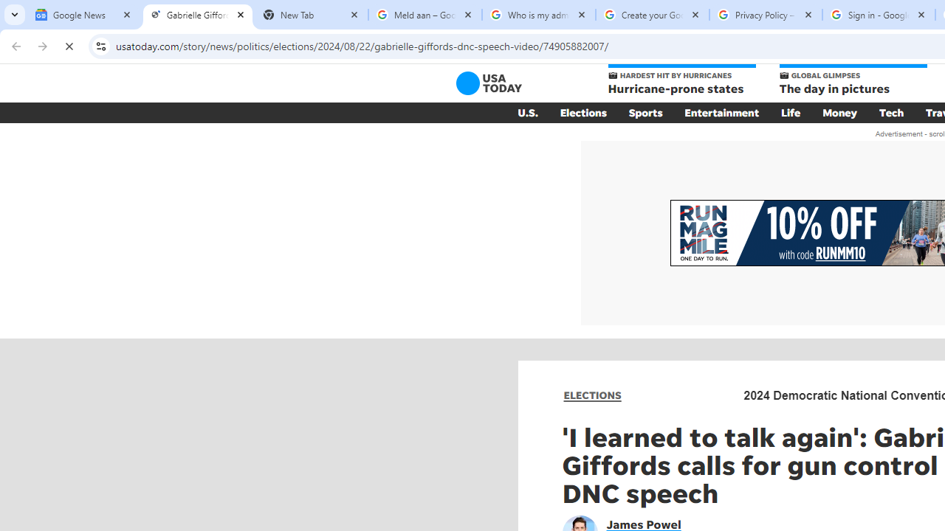 This screenshot has width=945, height=531. What do you see at coordinates (645, 112) in the screenshot?
I see `'Sports'` at bounding box center [645, 112].